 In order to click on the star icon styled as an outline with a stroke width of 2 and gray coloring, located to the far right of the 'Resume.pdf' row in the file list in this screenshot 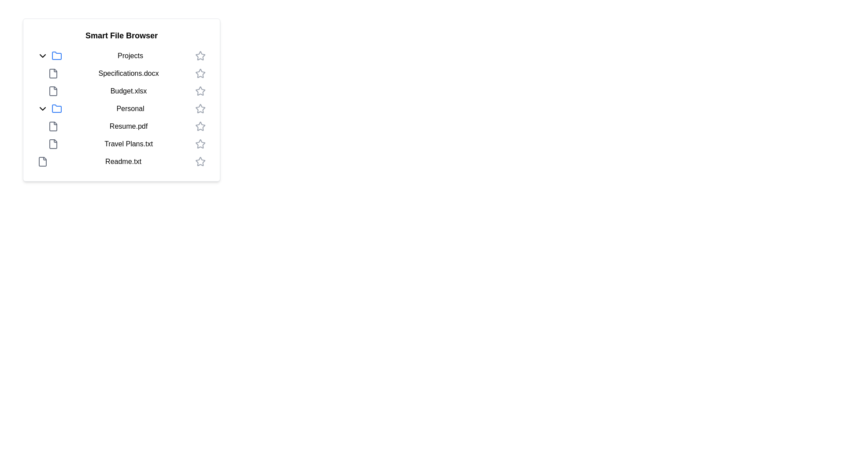, I will do `click(200, 126)`.